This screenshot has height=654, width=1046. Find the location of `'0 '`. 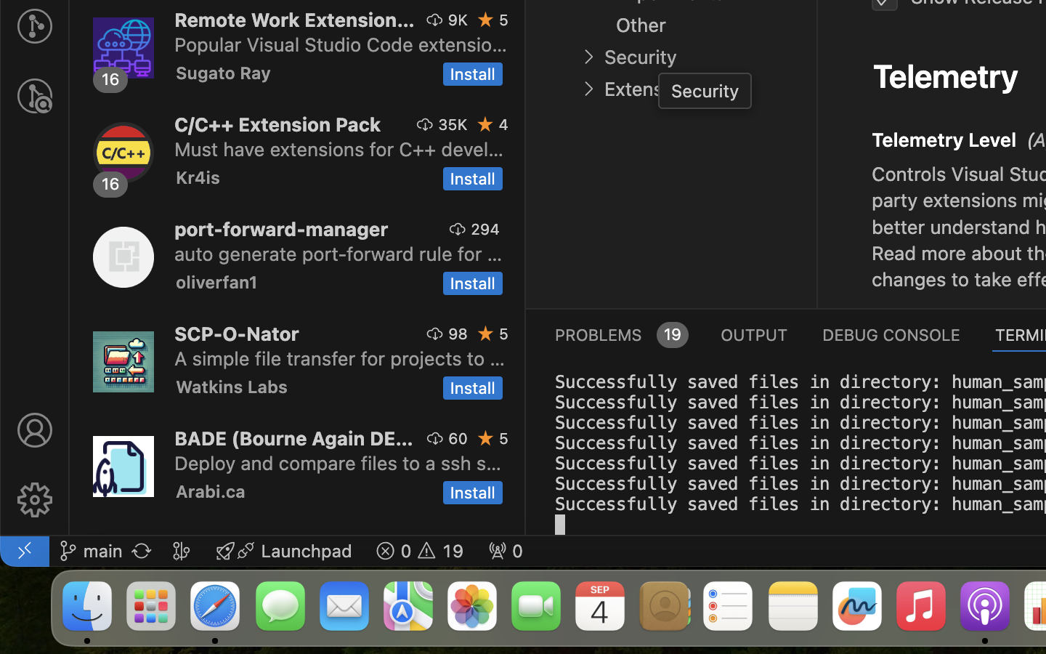

'0 ' is located at coordinates (33, 96).